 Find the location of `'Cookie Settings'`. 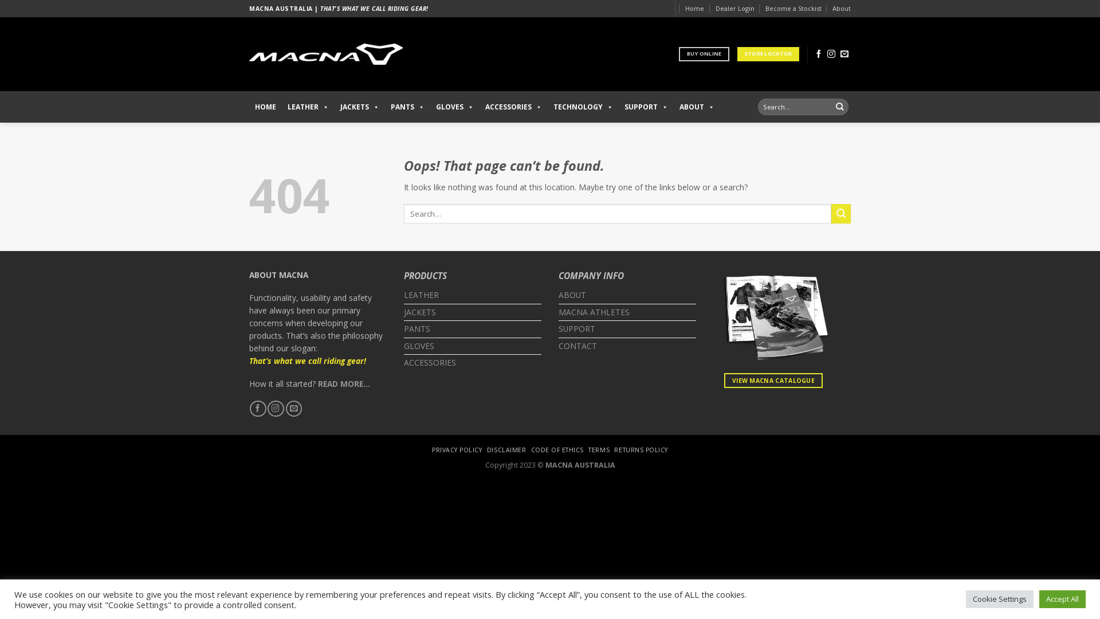

'Cookie Settings' is located at coordinates (999, 598).